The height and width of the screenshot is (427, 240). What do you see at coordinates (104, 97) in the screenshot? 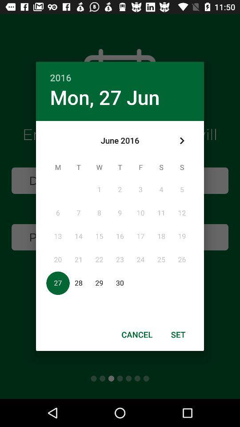
I see `mon, 27 jun item` at bounding box center [104, 97].